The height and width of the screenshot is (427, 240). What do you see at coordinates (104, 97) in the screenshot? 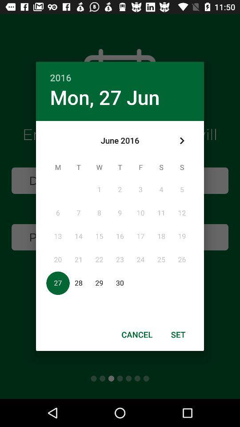
I see `mon, 27 jun item` at bounding box center [104, 97].